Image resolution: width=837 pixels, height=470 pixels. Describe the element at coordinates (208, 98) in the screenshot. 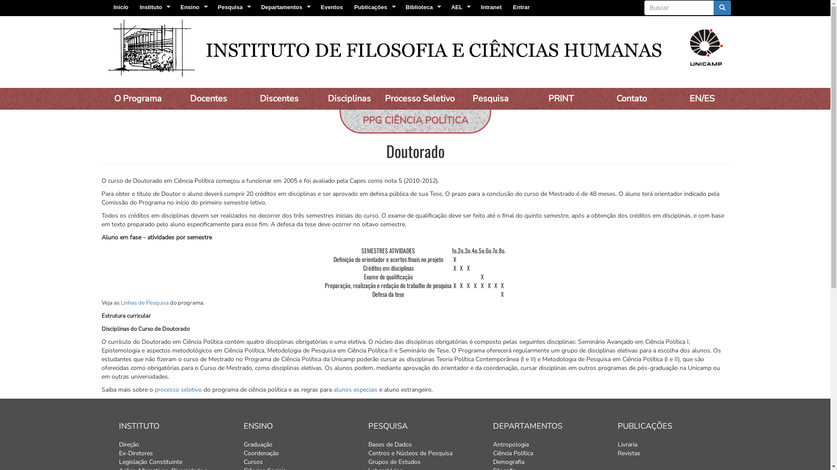

I see `'Docentes'` at that location.